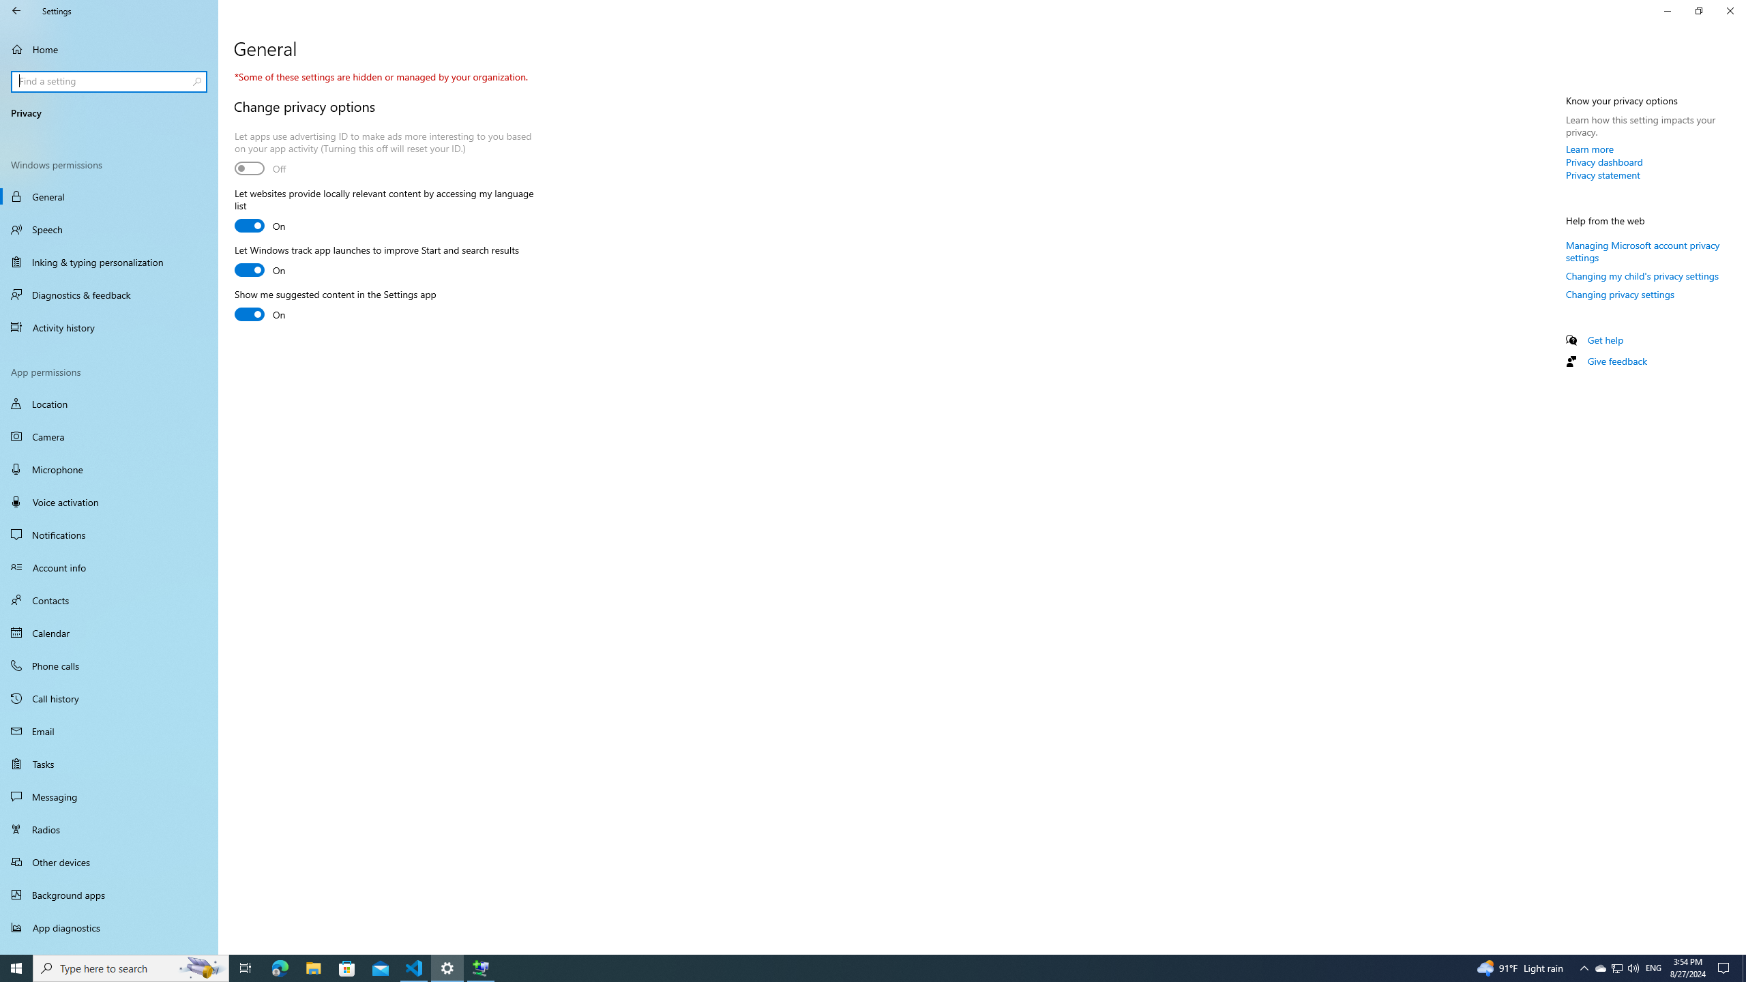 The width and height of the screenshot is (1746, 982). What do you see at coordinates (1604, 162) in the screenshot?
I see `'Privacy dashboard'` at bounding box center [1604, 162].